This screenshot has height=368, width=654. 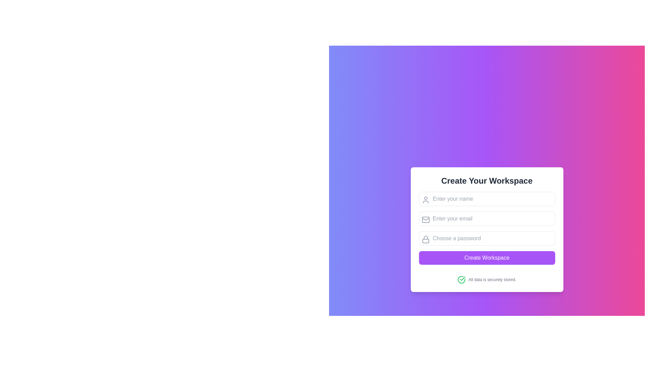 What do you see at coordinates (486, 181) in the screenshot?
I see `the title or header text element that serves as the context for the form, positioned above all input fields and buttons` at bounding box center [486, 181].